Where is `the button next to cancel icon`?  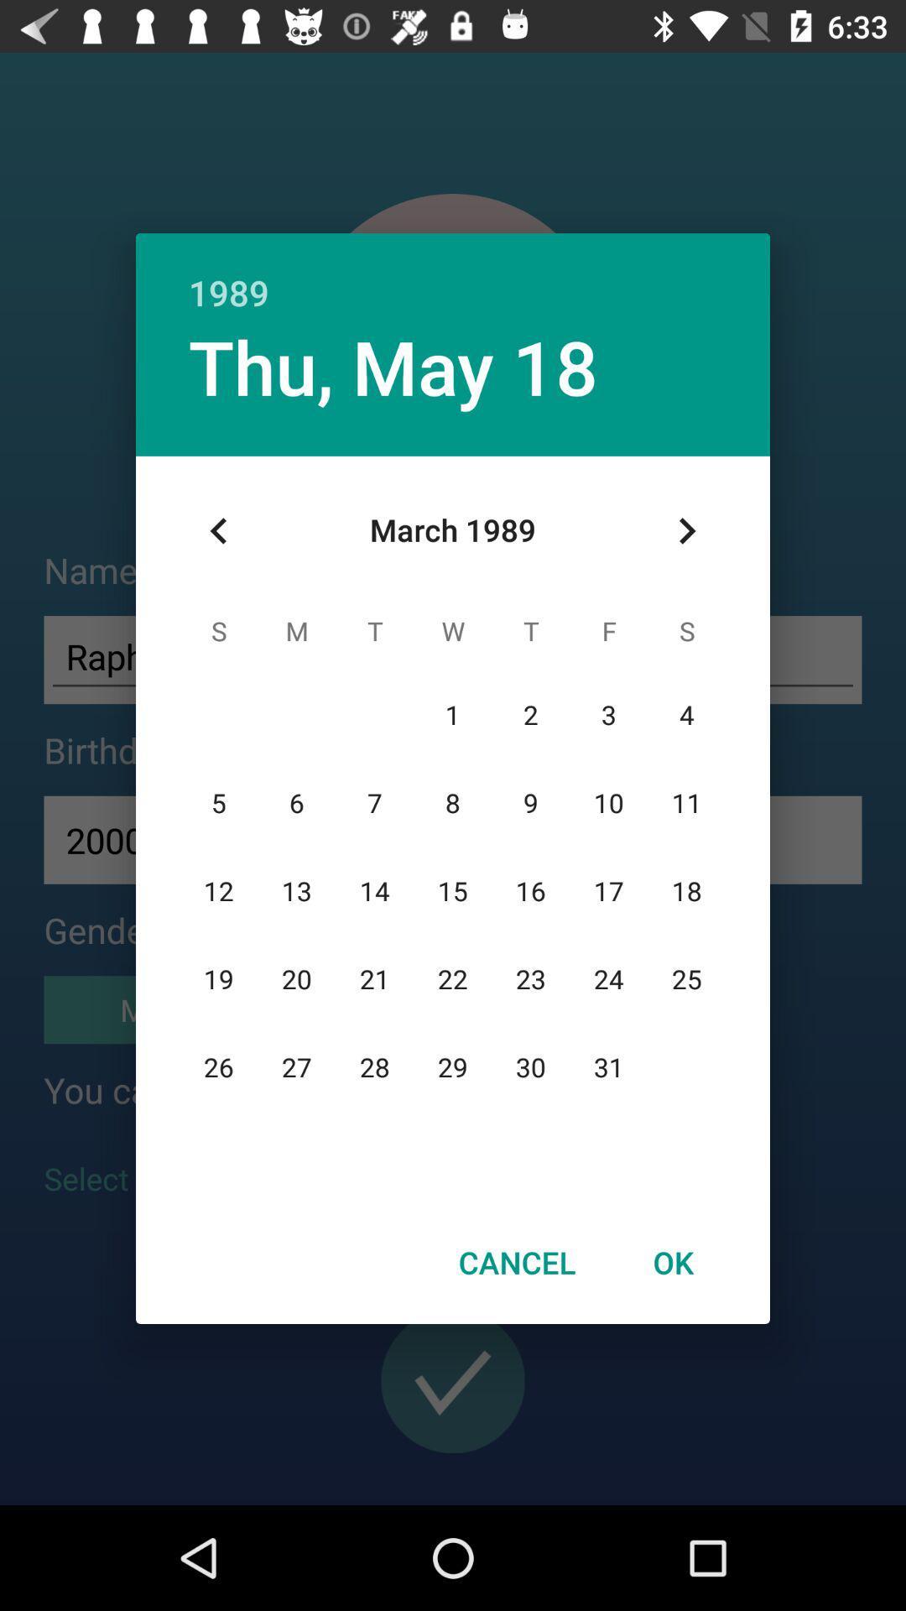 the button next to cancel icon is located at coordinates (672, 1262).